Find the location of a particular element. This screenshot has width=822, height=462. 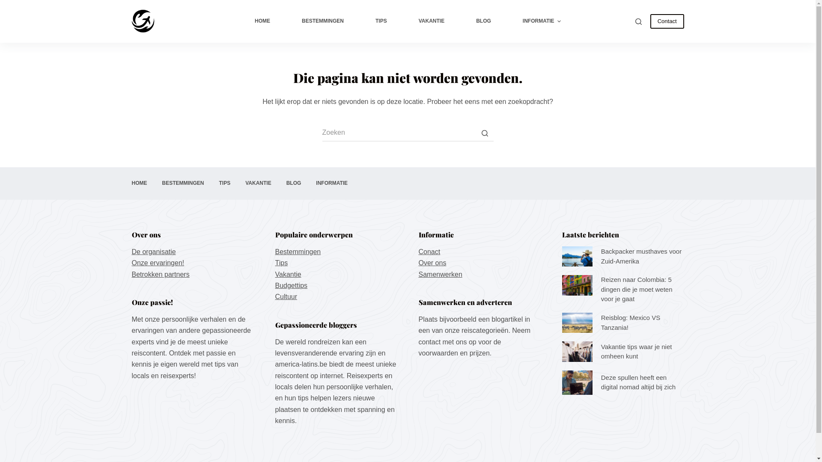

'Onze ervaringen!' is located at coordinates (158, 262).